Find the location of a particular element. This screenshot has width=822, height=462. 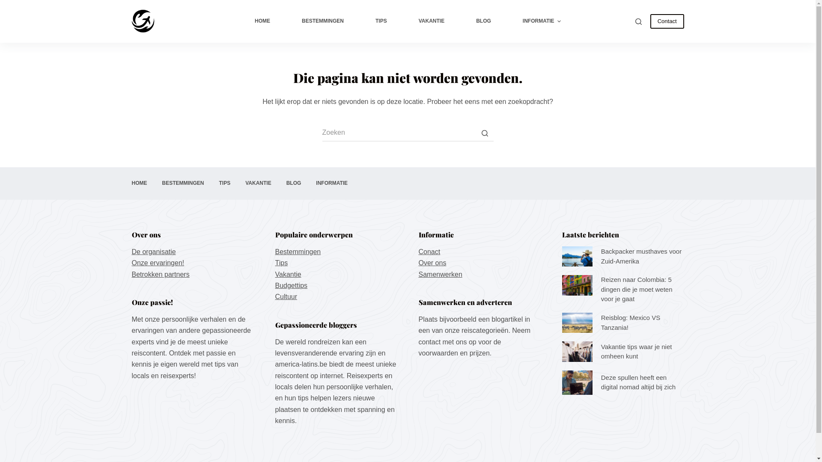

'Onze ervaringen!' is located at coordinates (158, 262).